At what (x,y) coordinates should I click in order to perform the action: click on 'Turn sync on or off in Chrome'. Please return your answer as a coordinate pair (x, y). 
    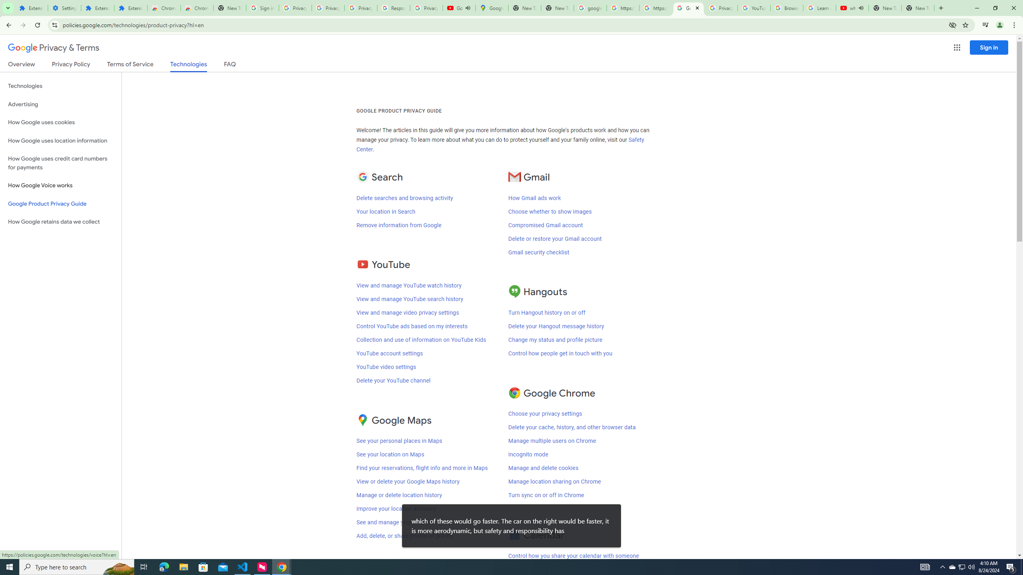
    Looking at the image, I should click on (546, 495).